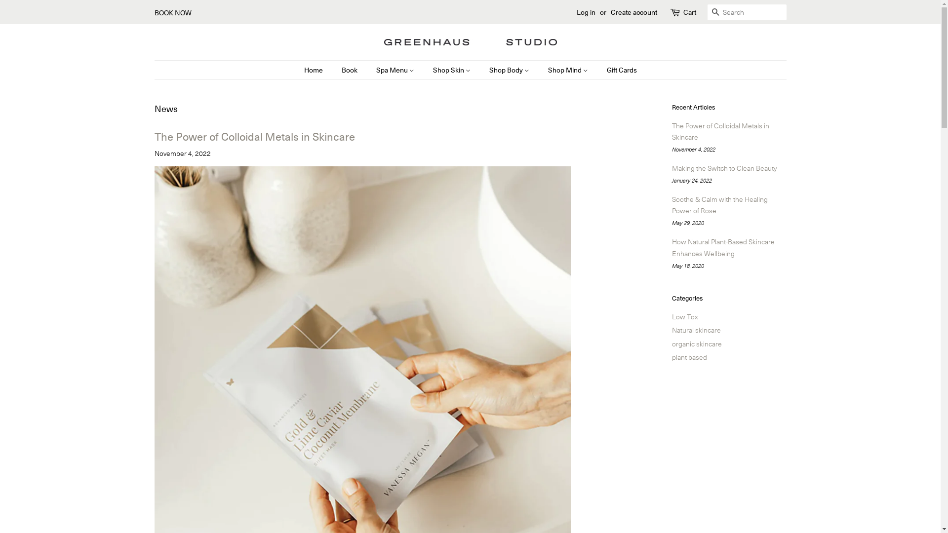 The width and height of the screenshot is (948, 533). I want to click on 'The Power of Colloidal Metals in Skincare', so click(671, 131).